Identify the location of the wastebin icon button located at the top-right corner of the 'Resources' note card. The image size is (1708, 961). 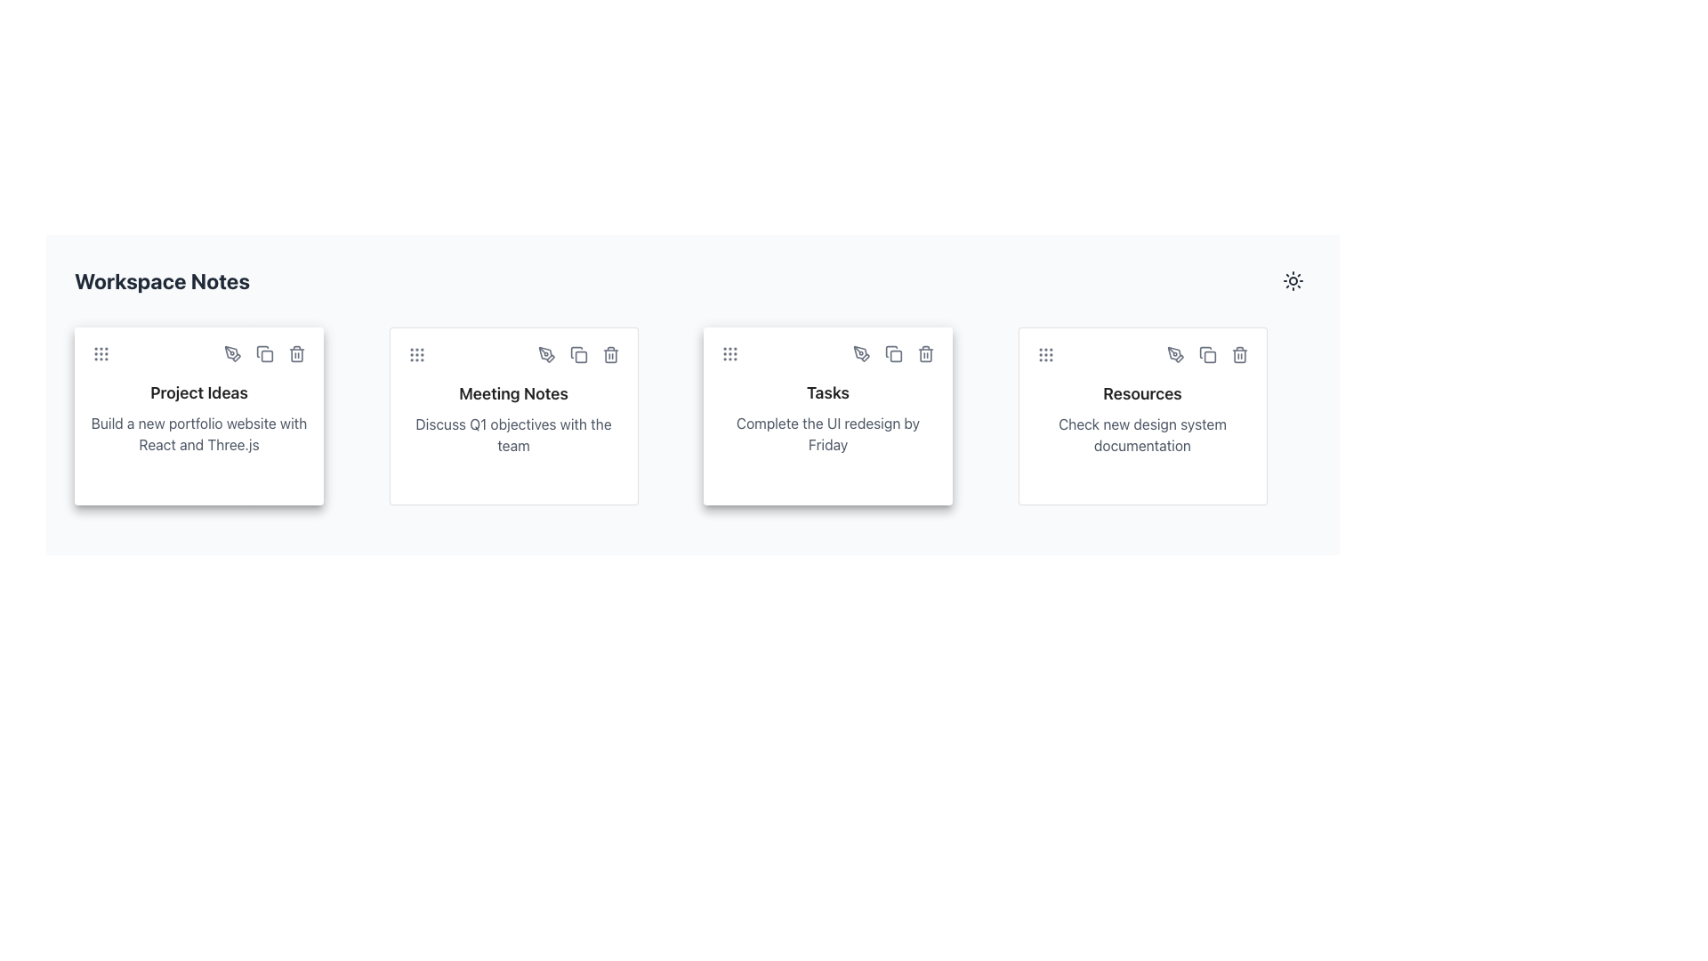
(1238, 354).